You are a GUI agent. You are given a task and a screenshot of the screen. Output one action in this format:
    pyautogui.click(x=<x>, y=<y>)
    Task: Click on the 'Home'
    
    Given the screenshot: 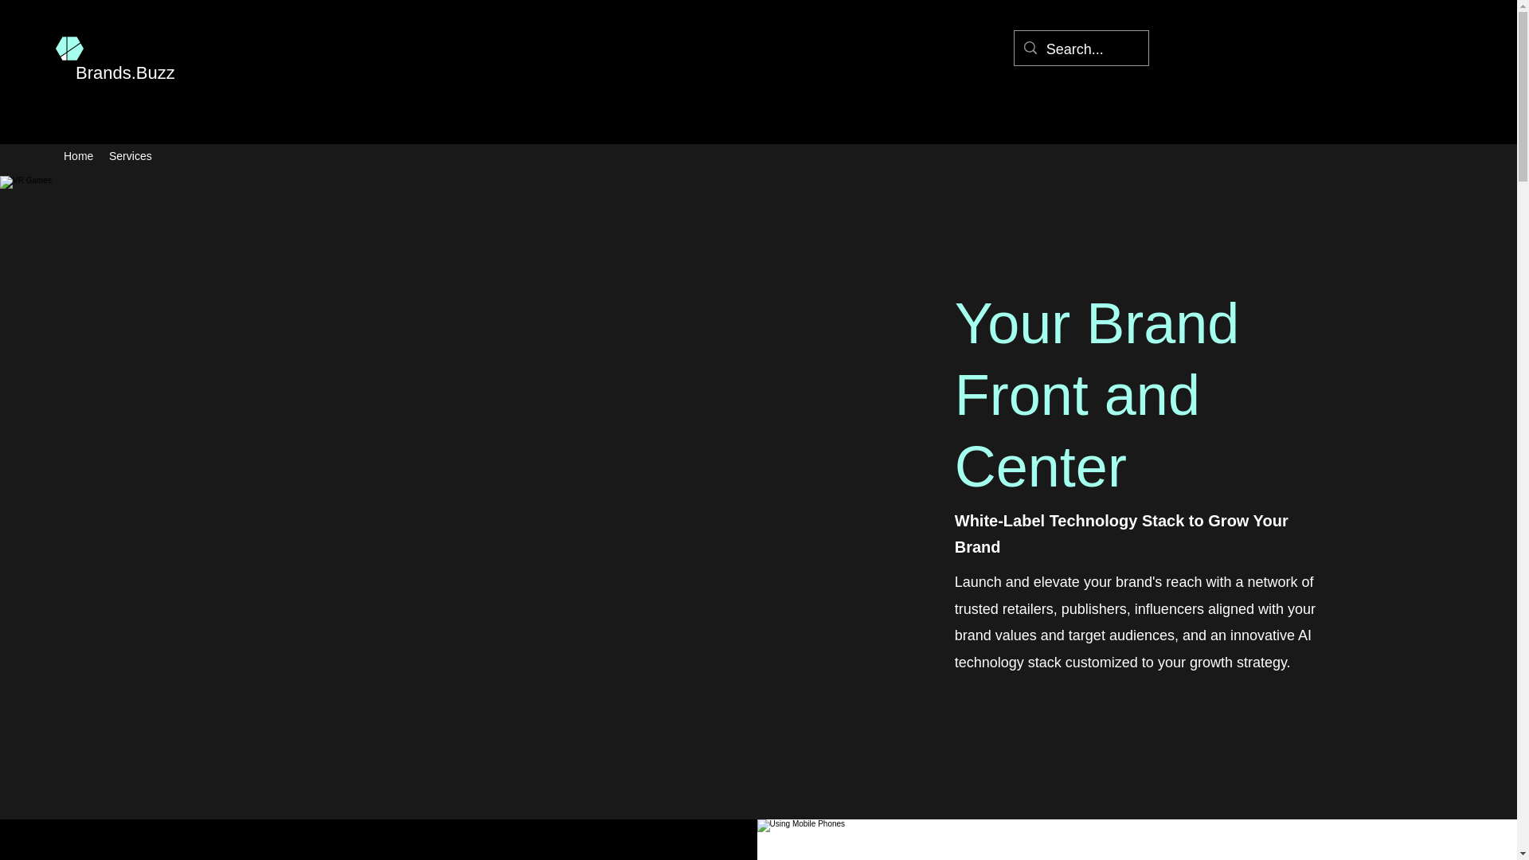 What is the action you would take?
    pyautogui.click(x=56, y=156)
    